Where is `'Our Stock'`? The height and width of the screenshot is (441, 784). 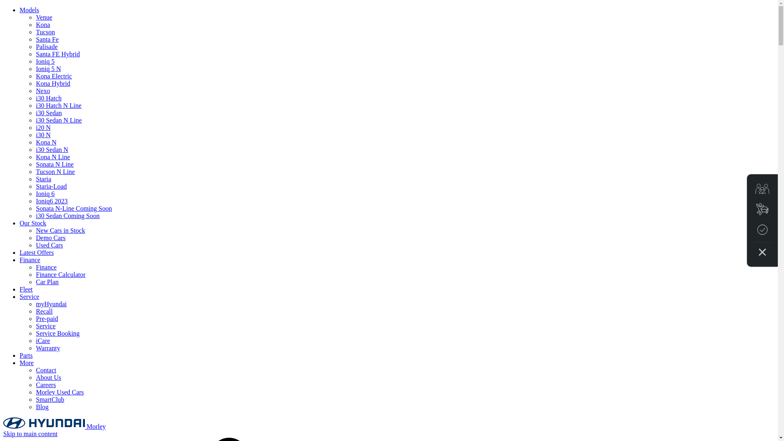 'Our Stock' is located at coordinates (20, 223).